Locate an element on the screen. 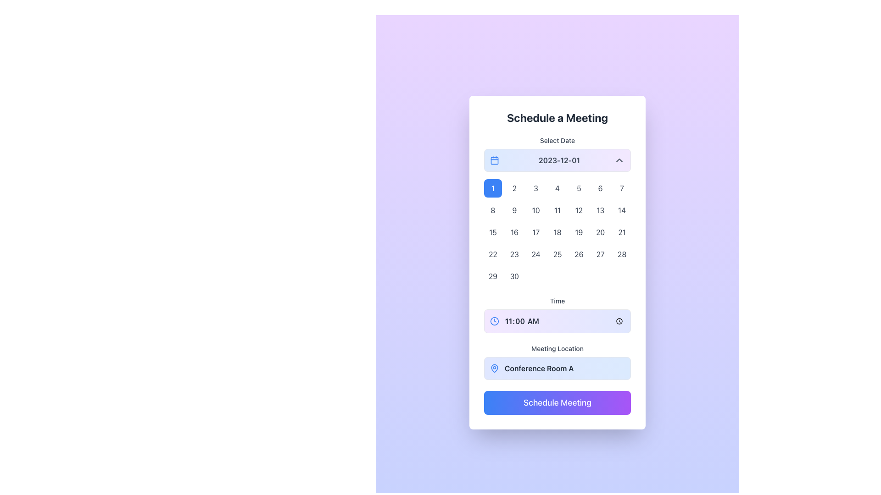  the selectable date button for the date '16' located in the third row and second column of the calendar grid is located at coordinates (514, 231).